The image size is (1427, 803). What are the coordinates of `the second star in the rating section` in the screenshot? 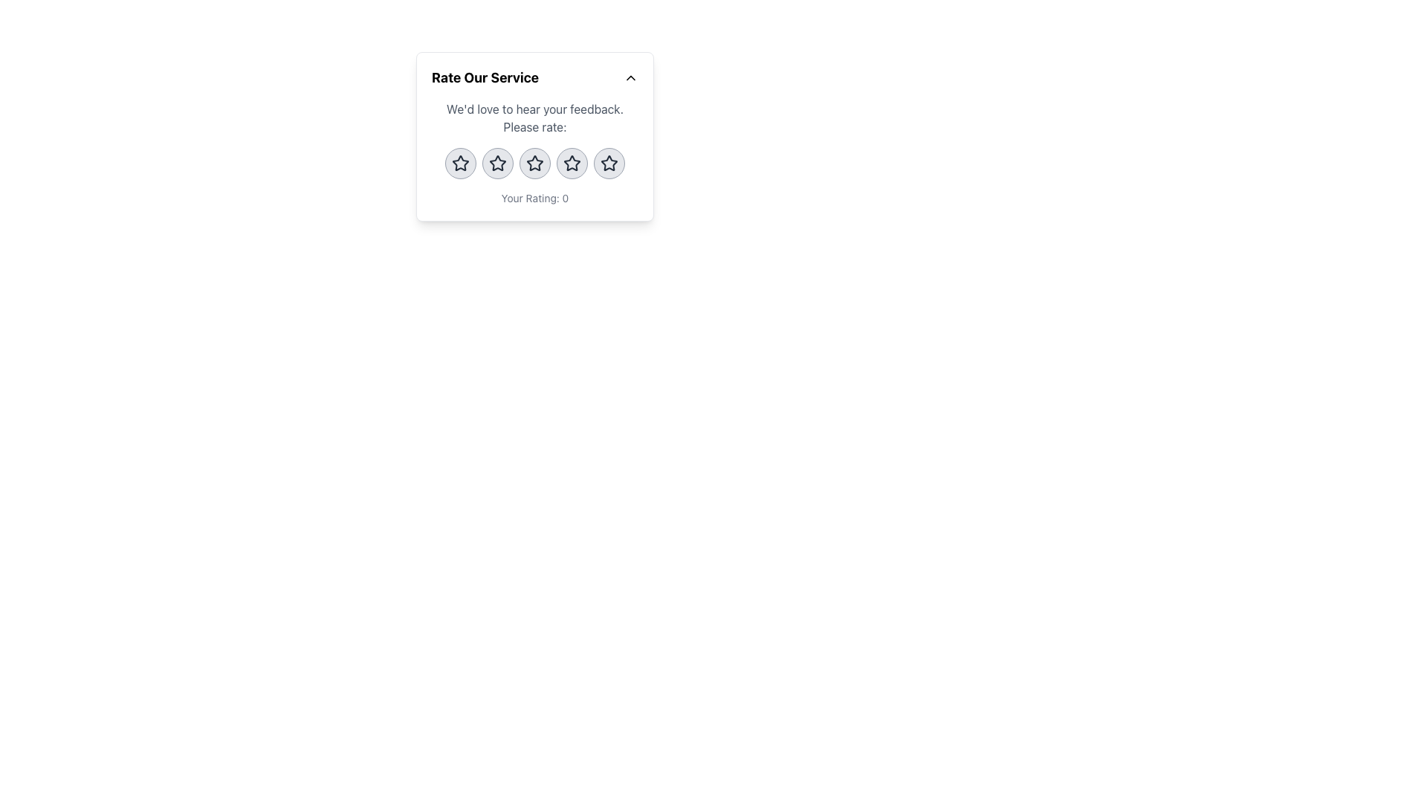 It's located at (498, 163).